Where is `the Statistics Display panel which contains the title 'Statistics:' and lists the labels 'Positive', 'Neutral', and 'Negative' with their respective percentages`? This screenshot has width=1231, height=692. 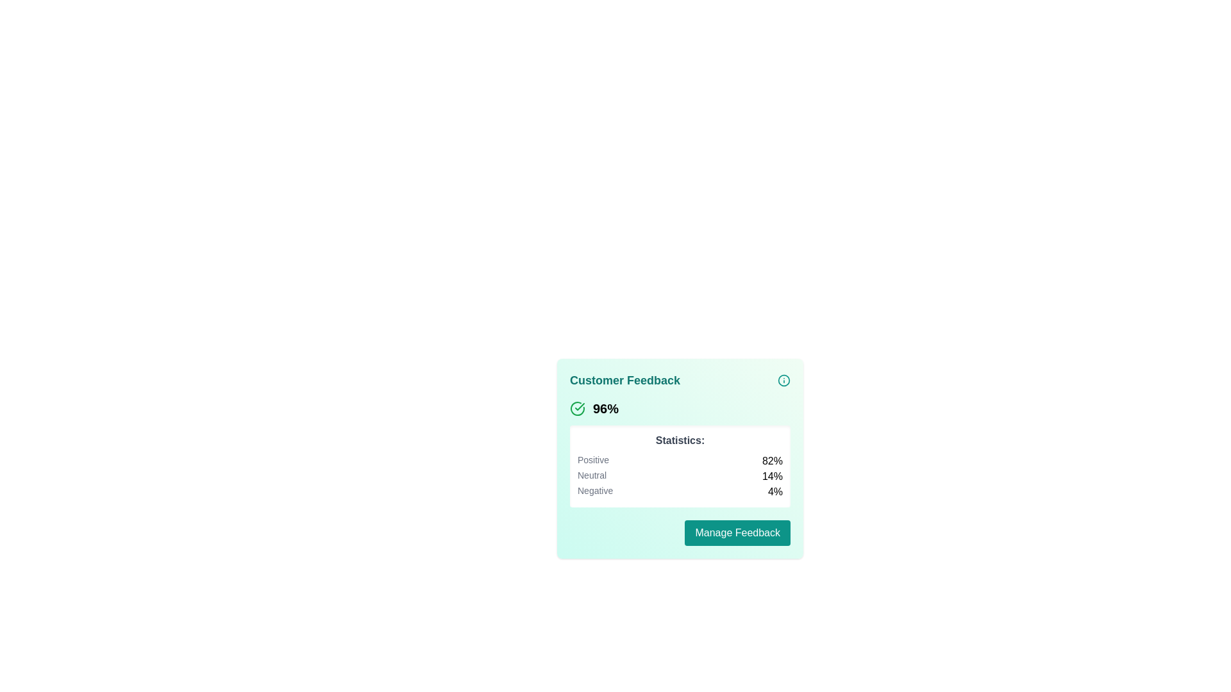 the Statistics Display panel which contains the title 'Statistics:' and lists the labels 'Positive', 'Neutral', and 'Negative' with their respective percentages is located at coordinates (679, 466).